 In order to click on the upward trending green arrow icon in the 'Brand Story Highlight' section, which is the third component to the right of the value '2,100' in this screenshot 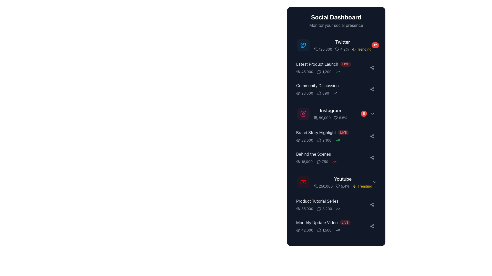, I will do `click(337, 140)`.